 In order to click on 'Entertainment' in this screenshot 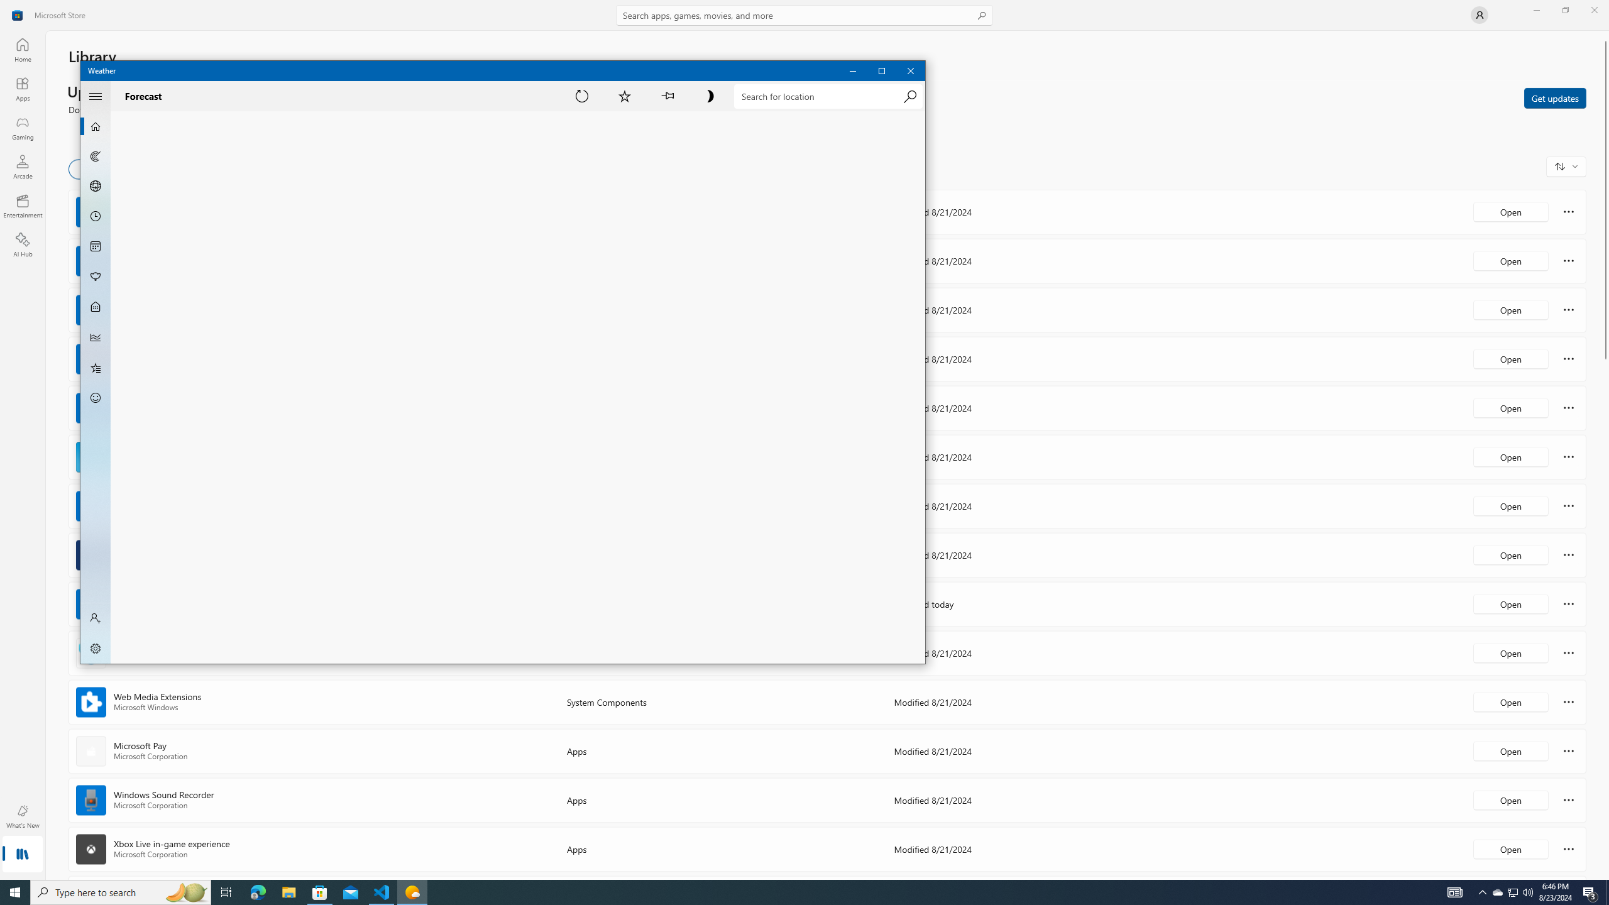, I will do `click(21, 205)`.